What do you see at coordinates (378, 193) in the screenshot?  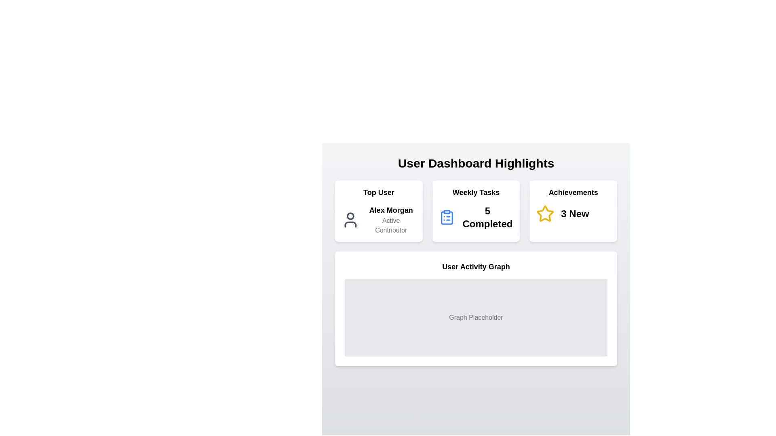 I see `the 'Top User' text label, which is styled with bold and larger font, located at the top of a profile card in the upper left quadrant of the interface` at bounding box center [378, 193].